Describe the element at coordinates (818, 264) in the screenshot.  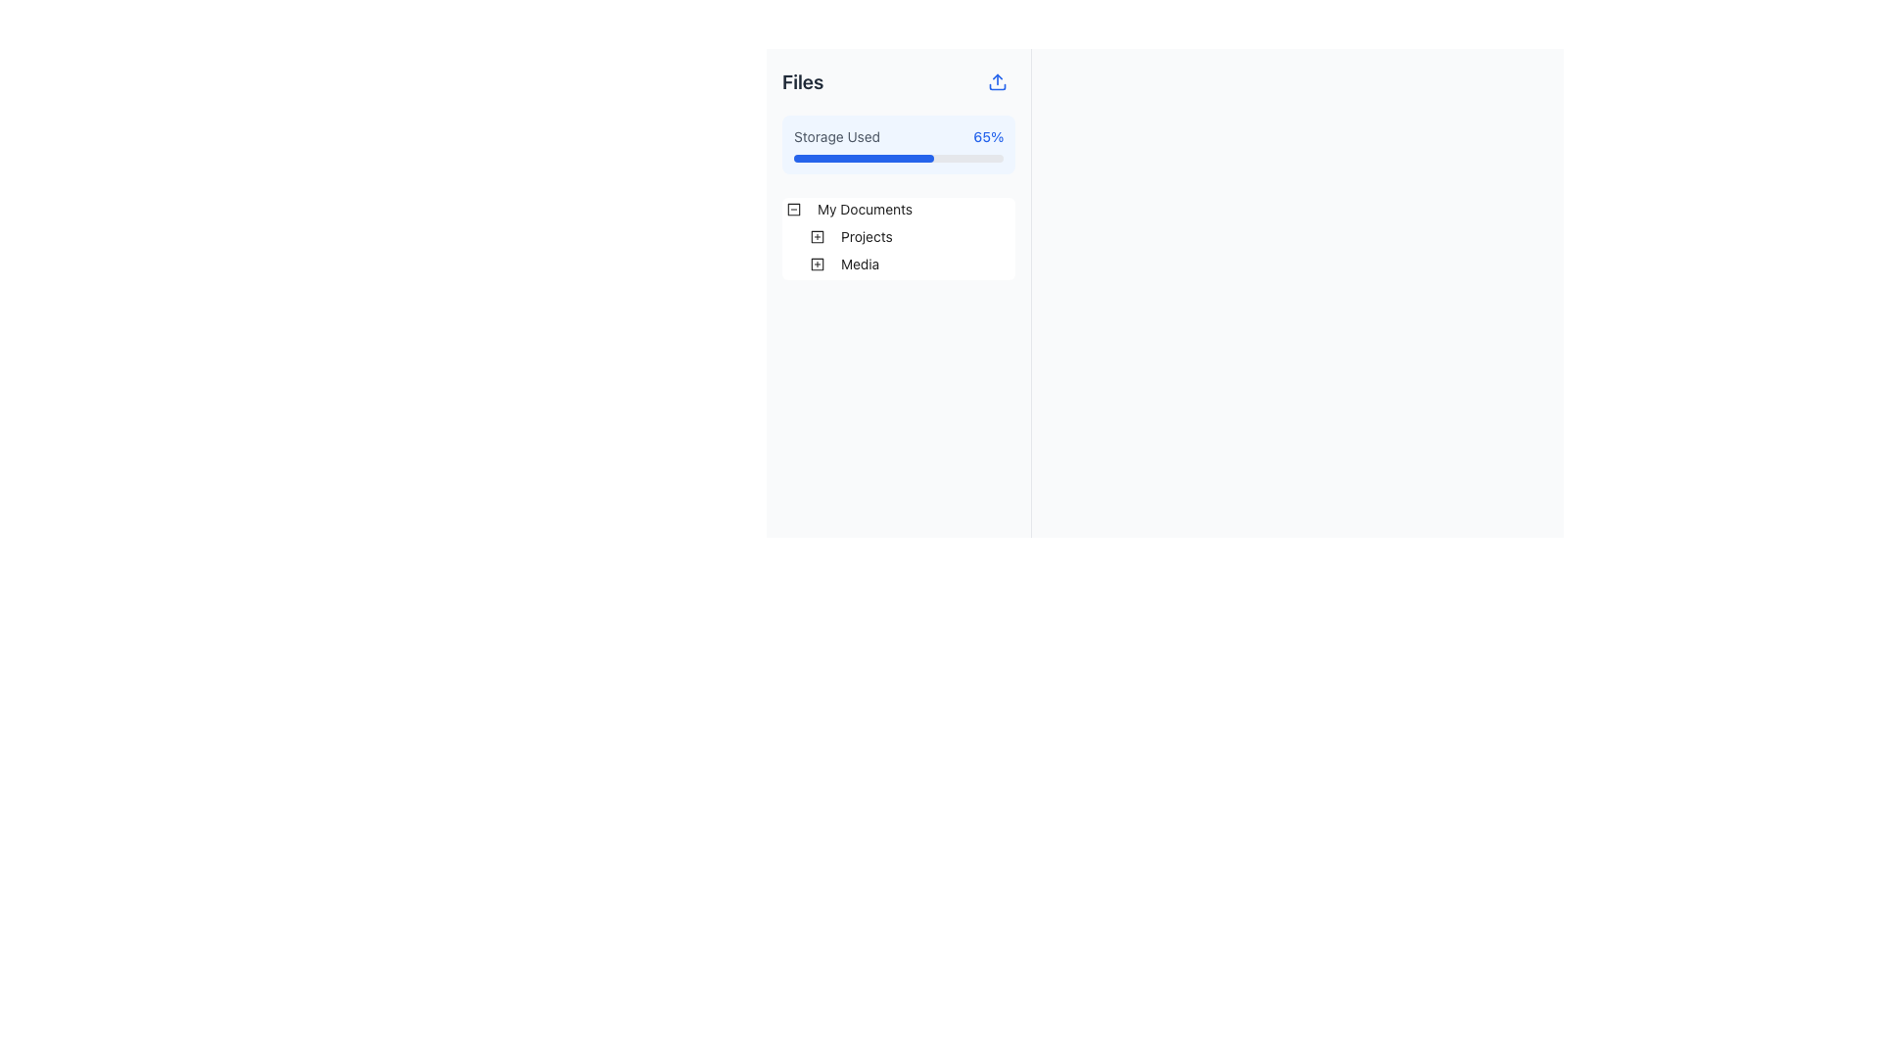
I see `the toggle button next to the 'Media' folder label in the 'My Documents' section` at that location.